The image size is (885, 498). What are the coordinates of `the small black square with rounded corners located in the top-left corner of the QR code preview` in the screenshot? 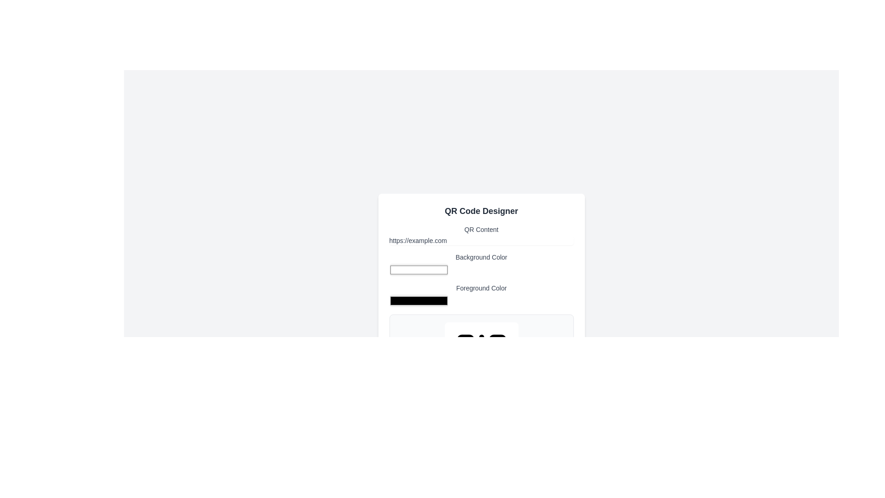 It's located at (465, 343).